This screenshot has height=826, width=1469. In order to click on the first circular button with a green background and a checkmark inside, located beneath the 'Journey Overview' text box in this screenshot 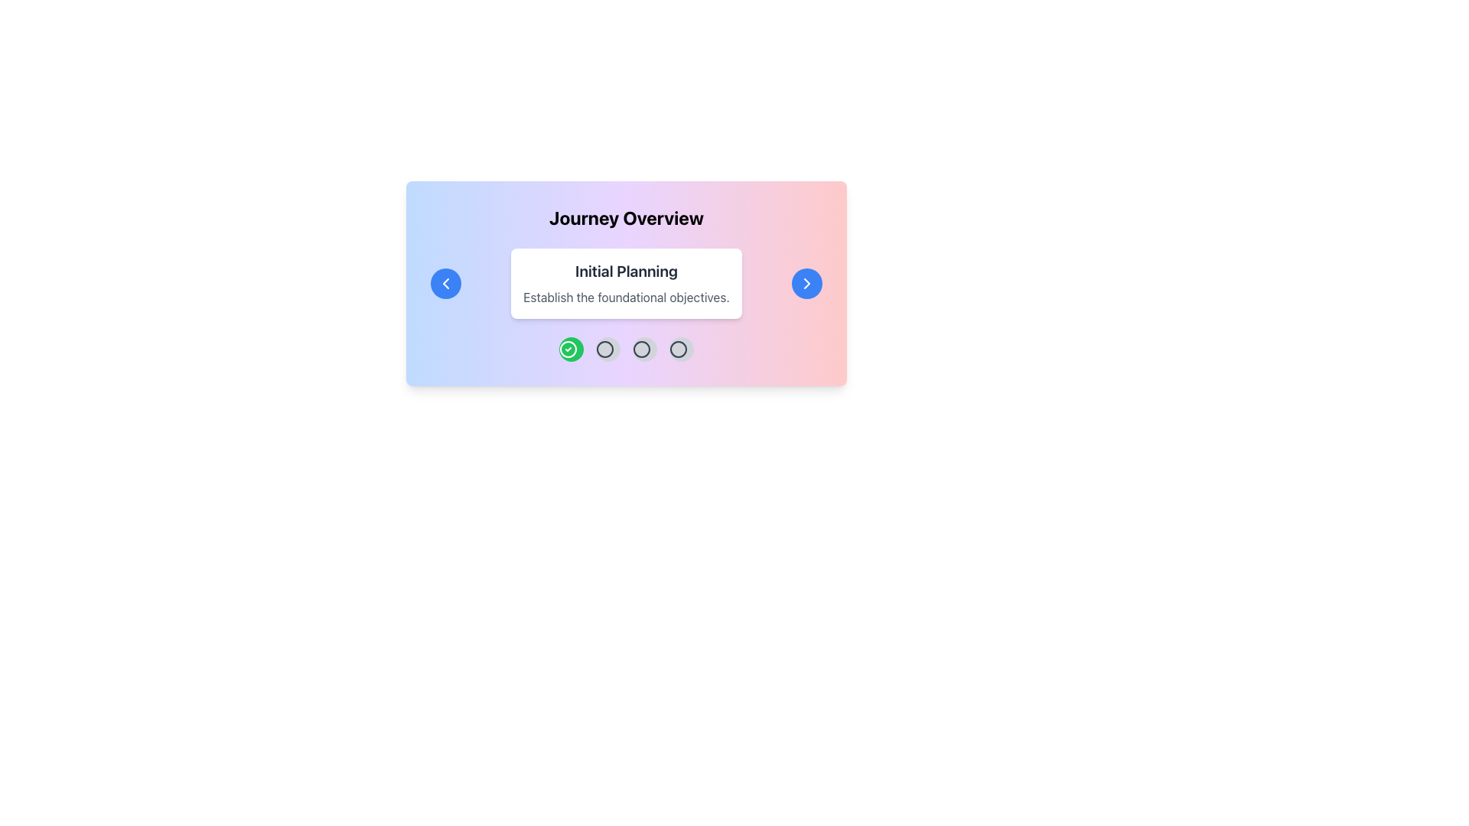, I will do `click(568, 349)`.